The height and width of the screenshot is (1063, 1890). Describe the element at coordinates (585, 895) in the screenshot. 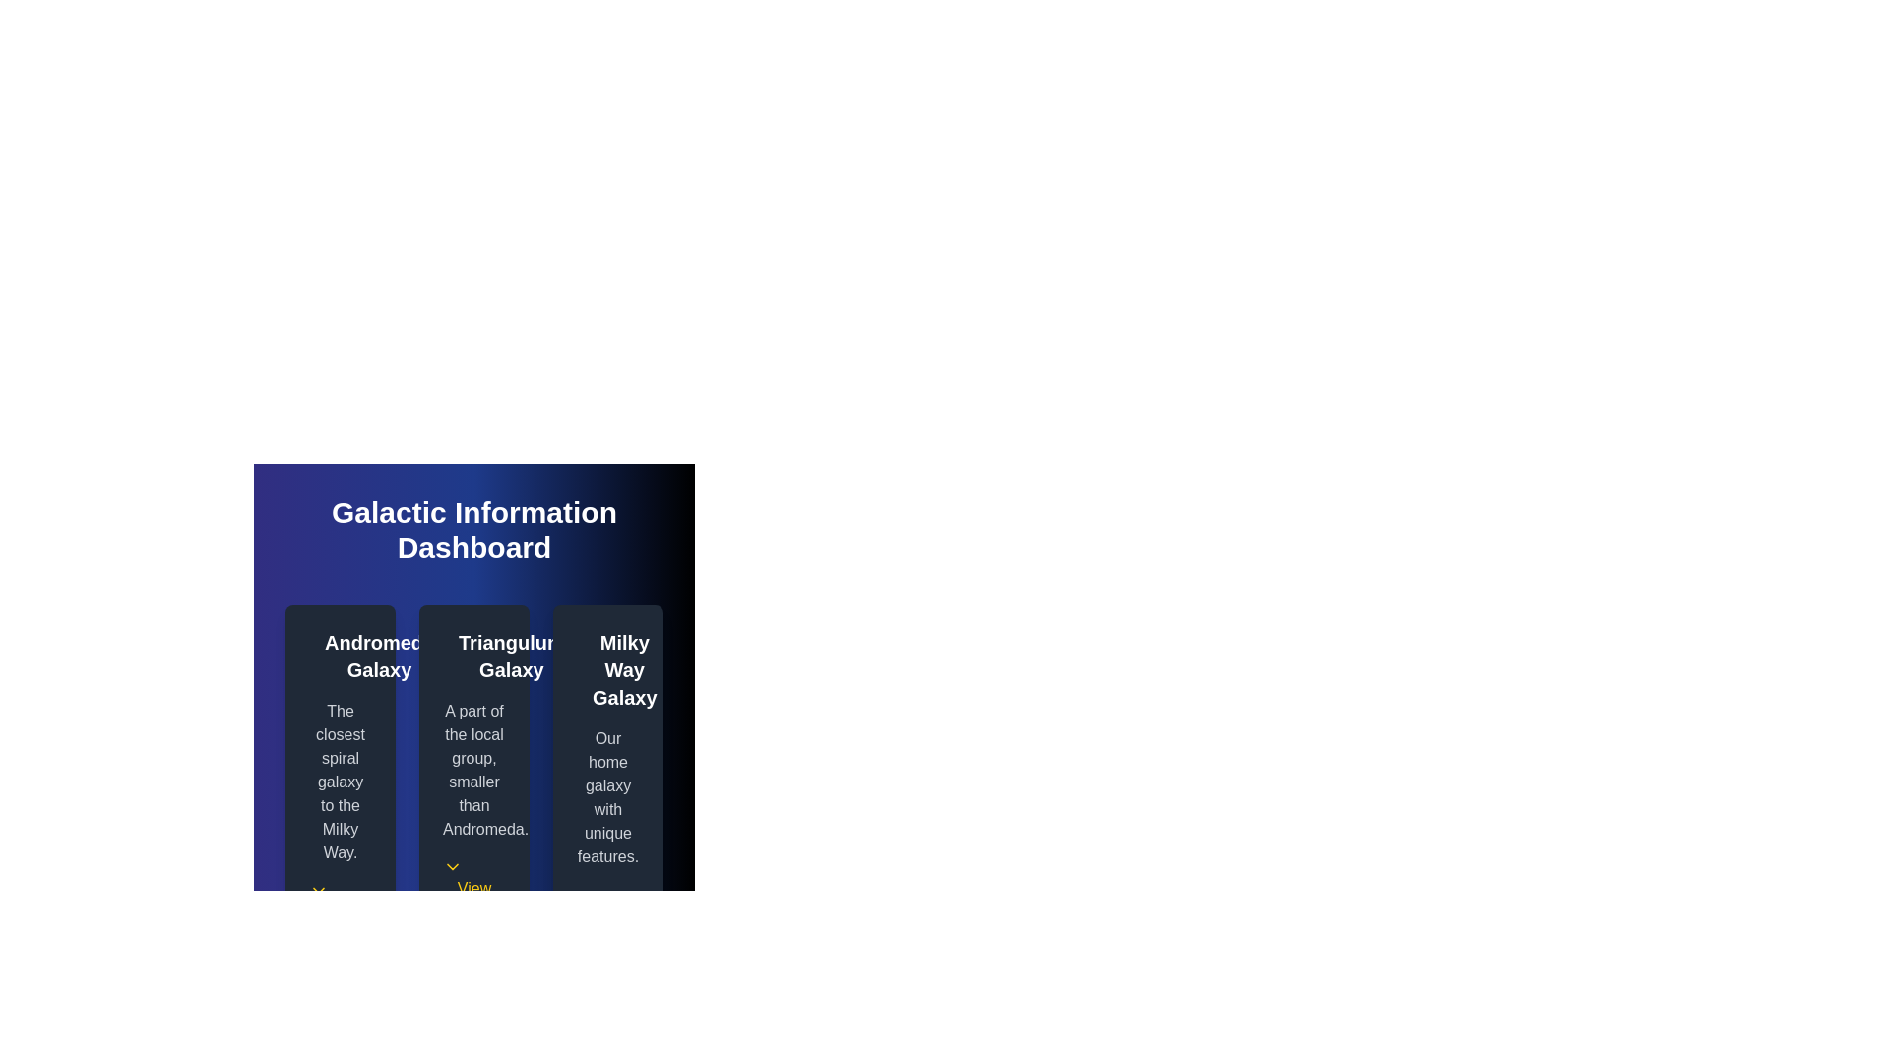

I see `the chevron icon located at the right end of the 'View Details' section under the 'Milky Way Galaxy' card` at that location.